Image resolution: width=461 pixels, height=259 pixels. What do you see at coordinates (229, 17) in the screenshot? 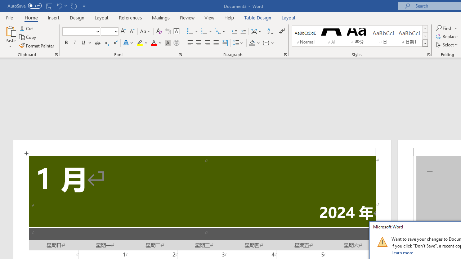
I see `'Help'` at bounding box center [229, 17].